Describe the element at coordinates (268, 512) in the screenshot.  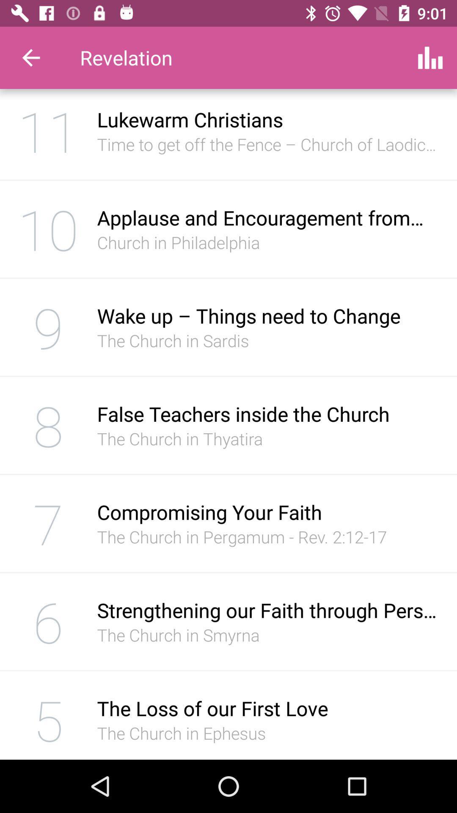
I see `icon above the the church in icon` at that location.